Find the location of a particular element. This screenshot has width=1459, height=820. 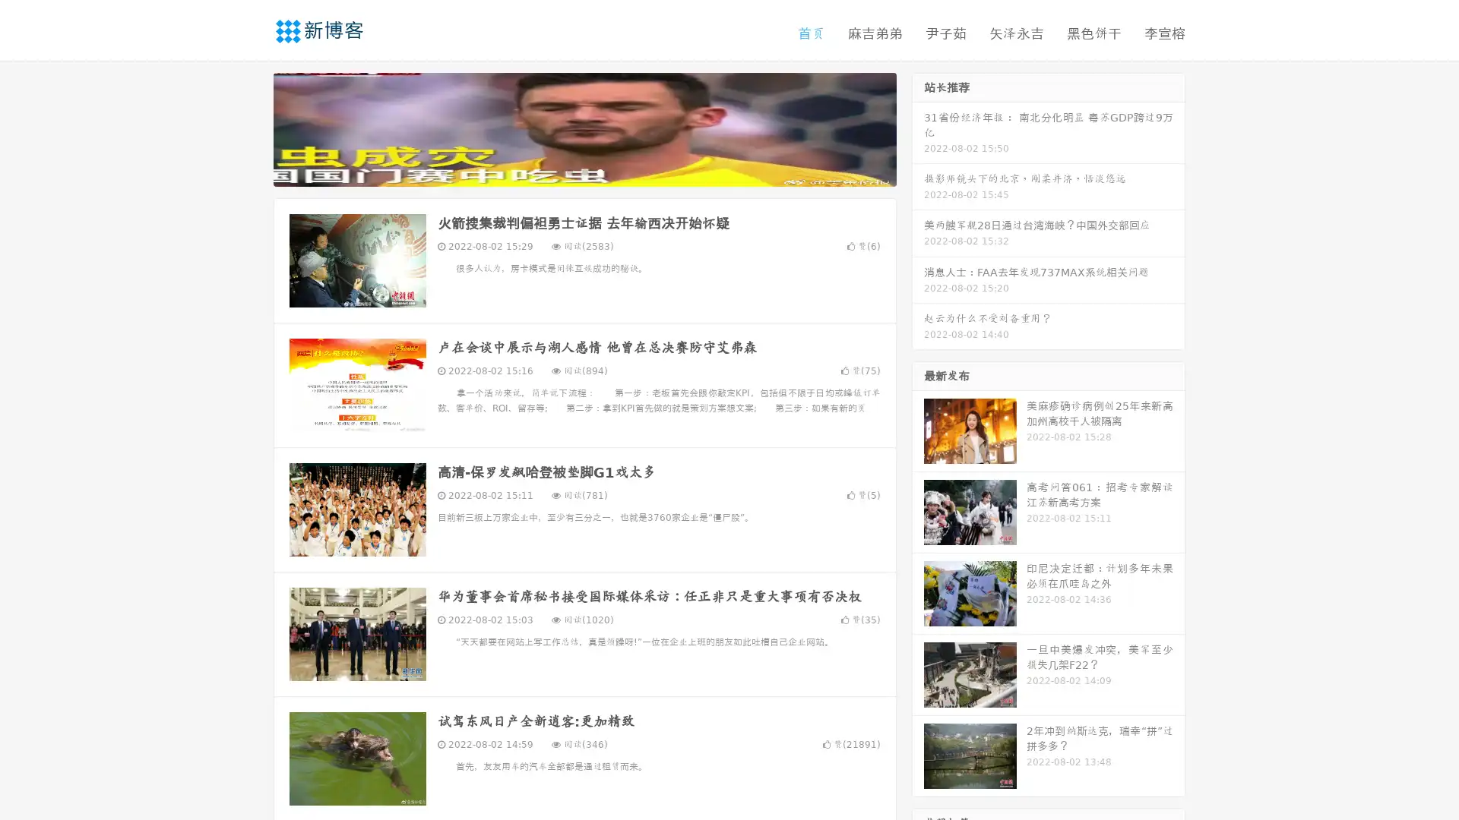

Go to slide 2 is located at coordinates (584, 171).